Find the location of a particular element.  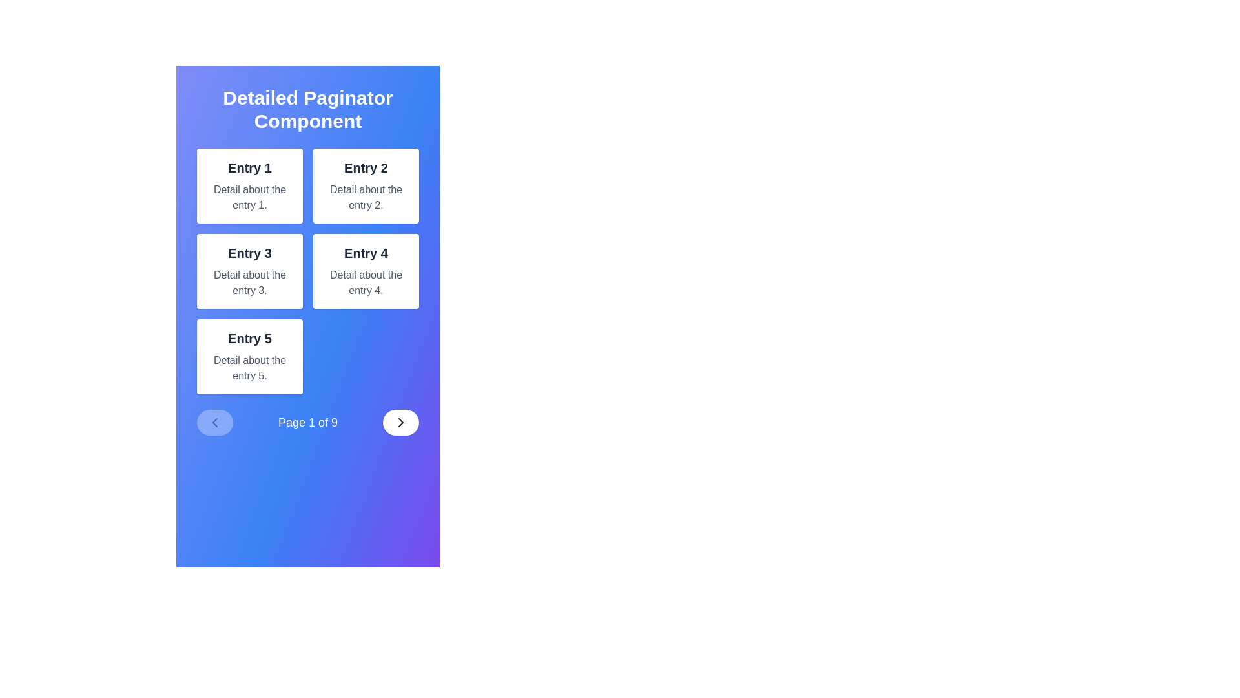

the button with an icon located at the bottom-left of the pagination section is located at coordinates (214, 423).